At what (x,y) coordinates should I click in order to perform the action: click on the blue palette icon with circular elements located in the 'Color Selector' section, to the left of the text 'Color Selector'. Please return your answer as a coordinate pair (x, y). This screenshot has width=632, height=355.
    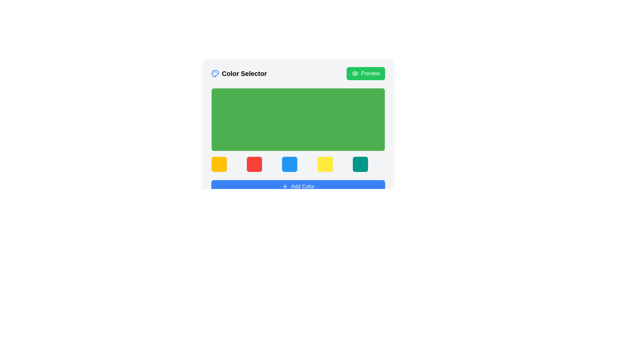
    Looking at the image, I should click on (215, 73).